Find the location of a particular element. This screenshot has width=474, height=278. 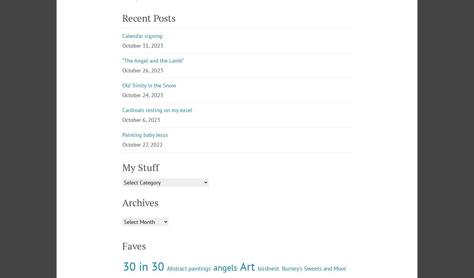

'My Stuff' is located at coordinates (122, 218).